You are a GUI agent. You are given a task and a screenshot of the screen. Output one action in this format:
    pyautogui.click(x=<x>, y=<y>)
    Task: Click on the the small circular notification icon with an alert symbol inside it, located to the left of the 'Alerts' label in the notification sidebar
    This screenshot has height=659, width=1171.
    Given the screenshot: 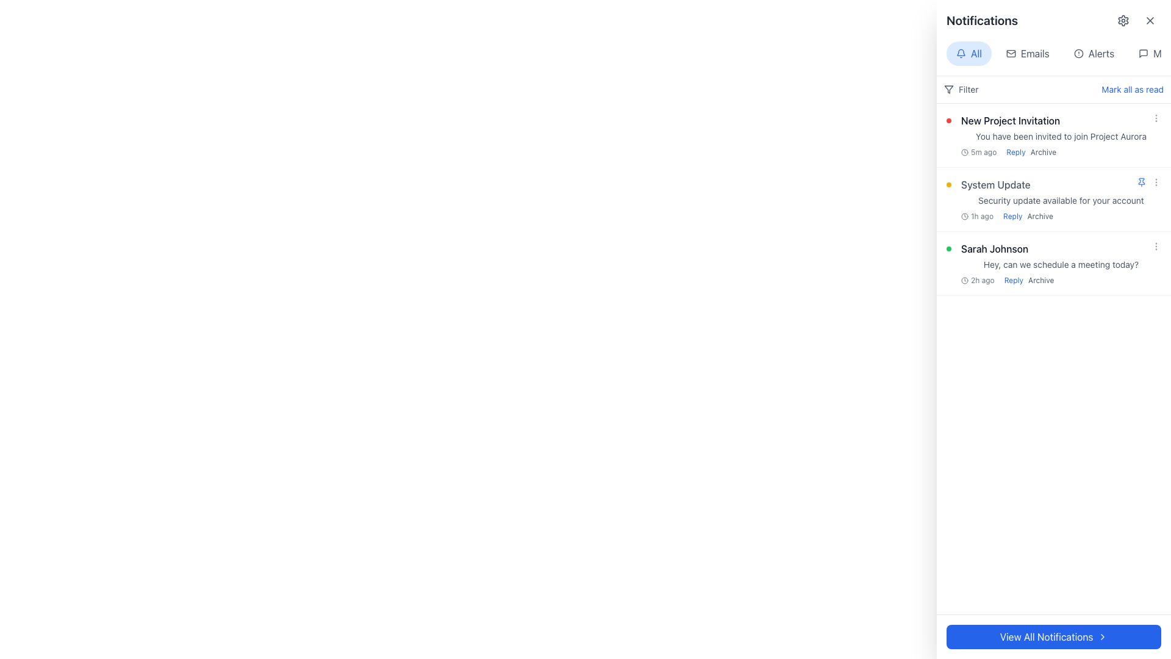 What is the action you would take?
    pyautogui.click(x=1078, y=53)
    